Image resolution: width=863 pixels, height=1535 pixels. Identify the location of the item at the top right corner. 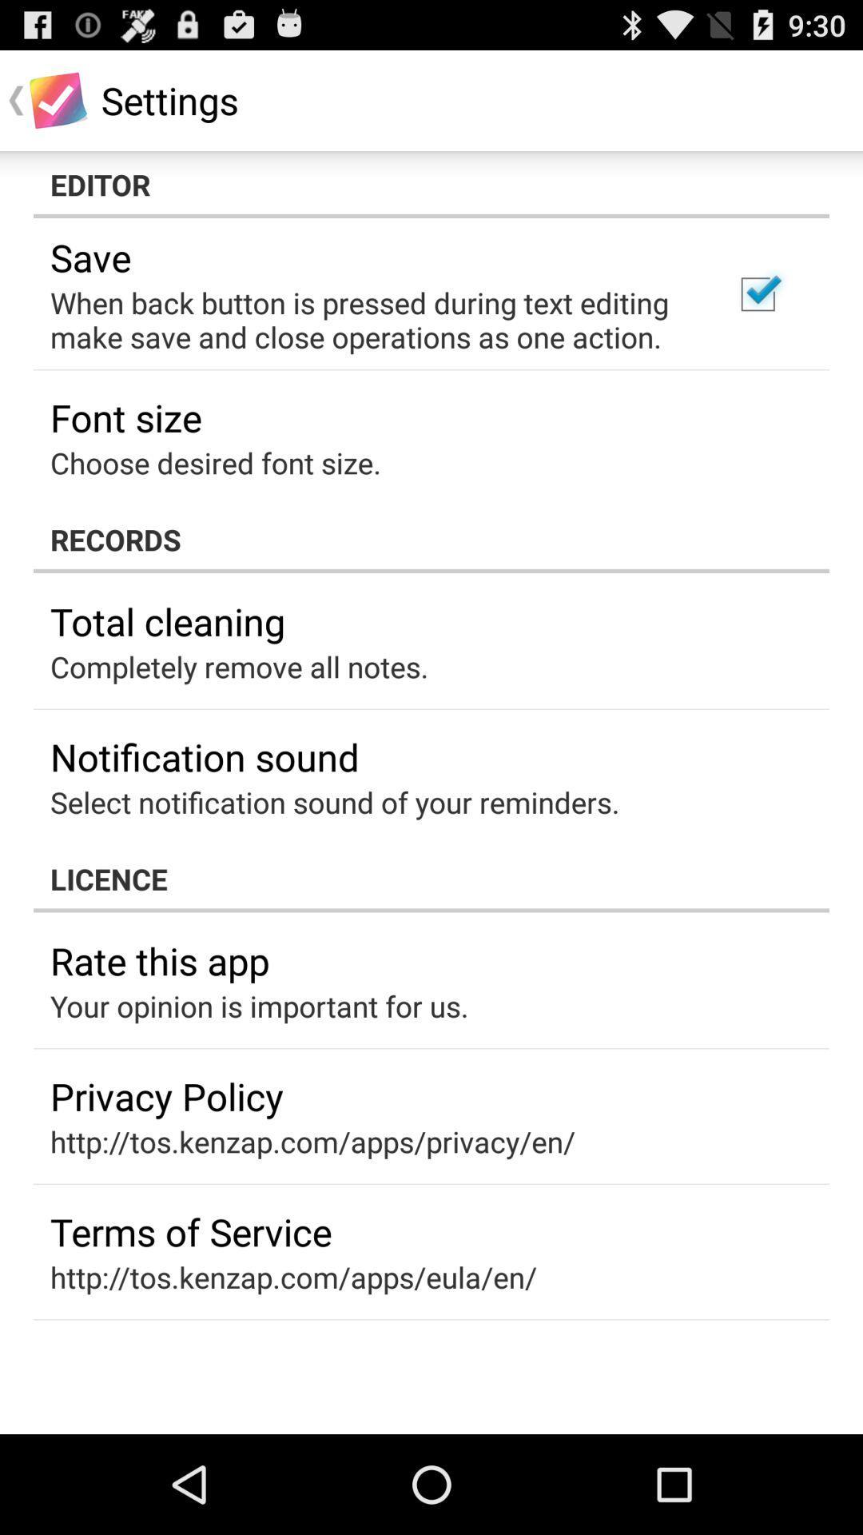
(757, 294).